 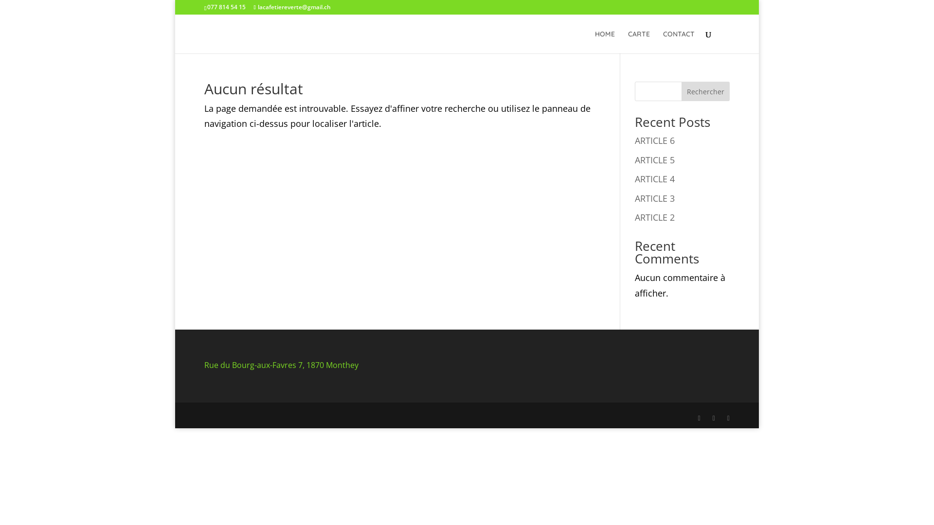 What do you see at coordinates (253, 7) in the screenshot?
I see `'lacafetiereverte@gmail.ch'` at bounding box center [253, 7].